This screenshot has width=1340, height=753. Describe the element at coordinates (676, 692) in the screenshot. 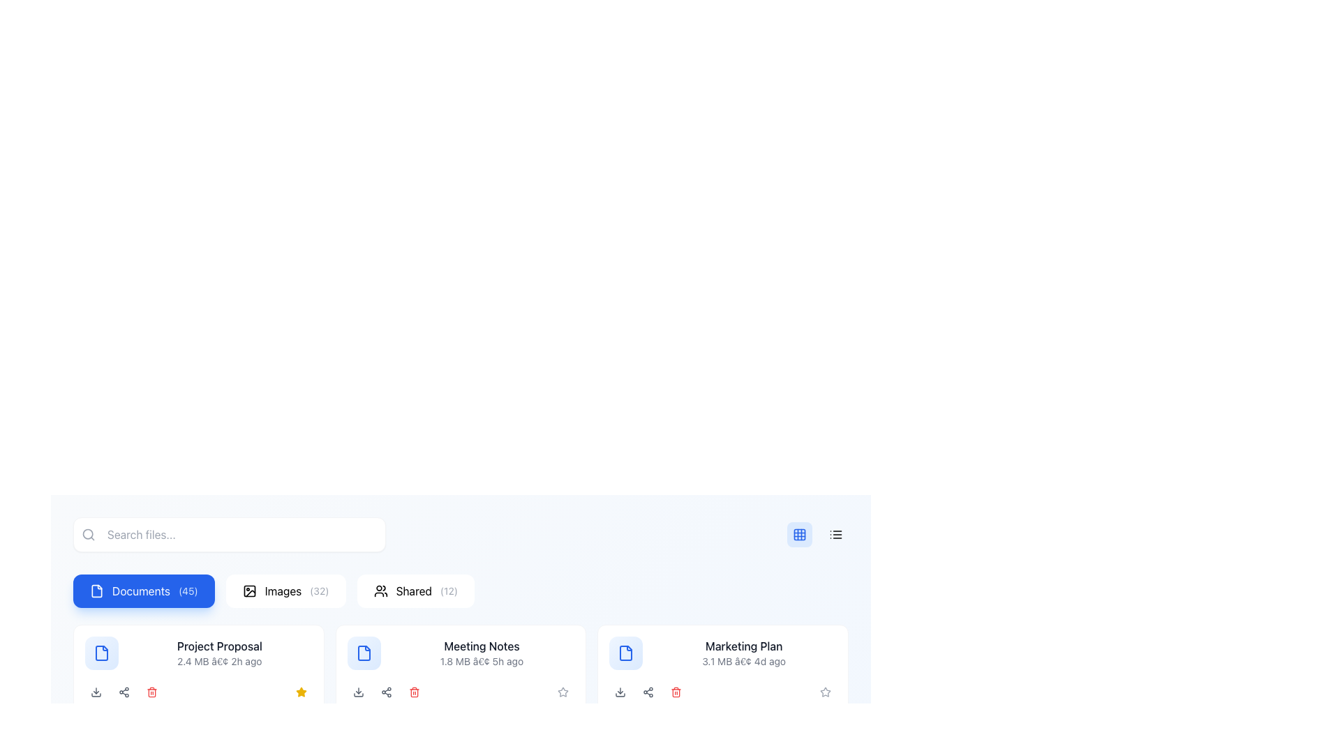

I see `the delete button for the file named 'Marketing Plan'` at that location.